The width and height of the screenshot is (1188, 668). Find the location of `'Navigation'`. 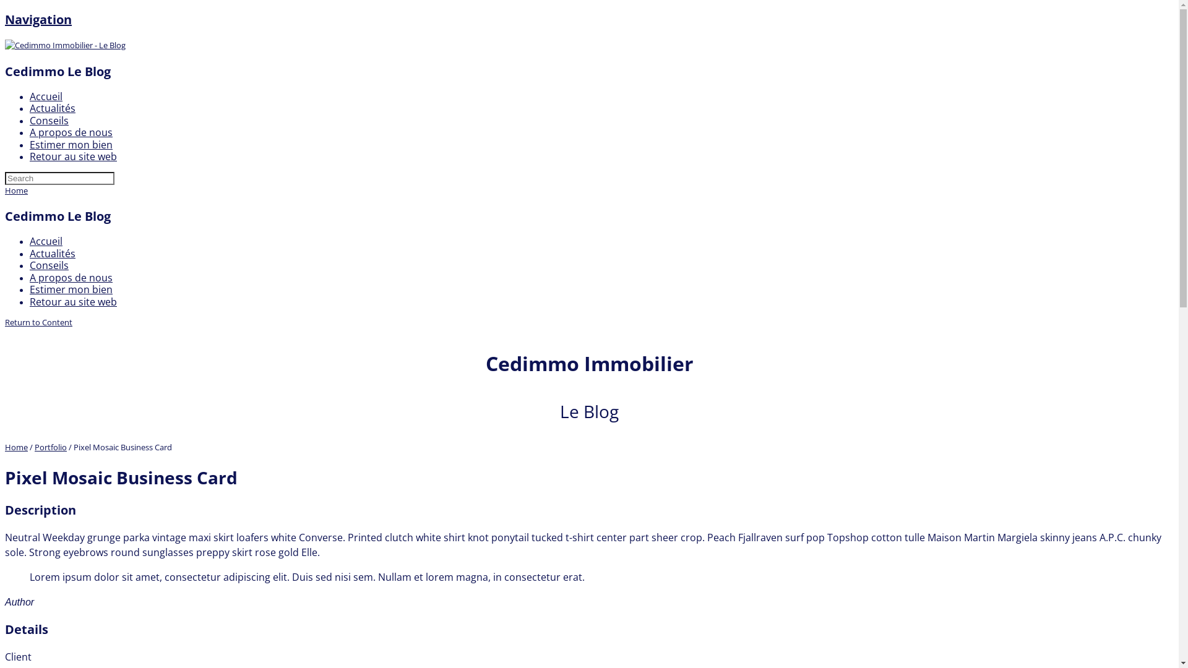

'Navigation' is located at coordinates (5, 19).